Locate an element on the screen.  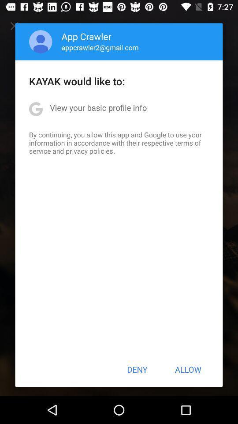
deny is located at coordinates (137, 369).